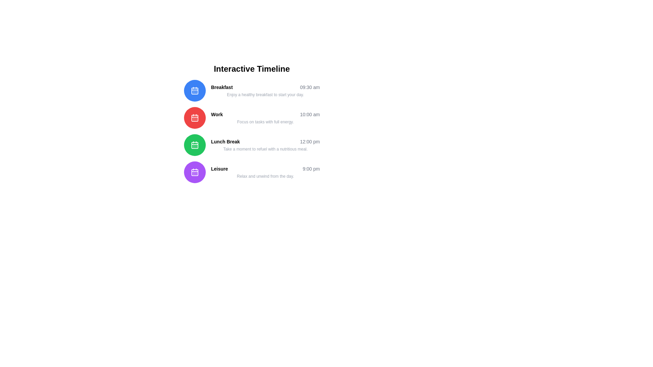 Image resolution: width=653 pixels, height=367 pixels. Describe the element at coordinates (222, 87) in the screenshot. I see `the 'Breakfast' category label within the timeline entry, which is non-interactive and visually categorizes the entry before the time display` at that location.